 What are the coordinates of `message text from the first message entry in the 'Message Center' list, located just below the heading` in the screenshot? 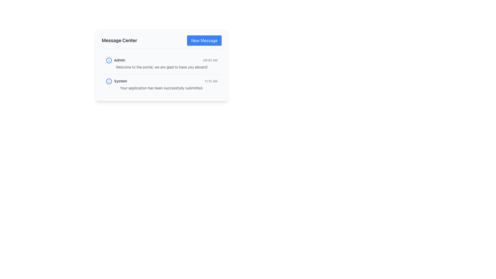 It's located at (161, 63).